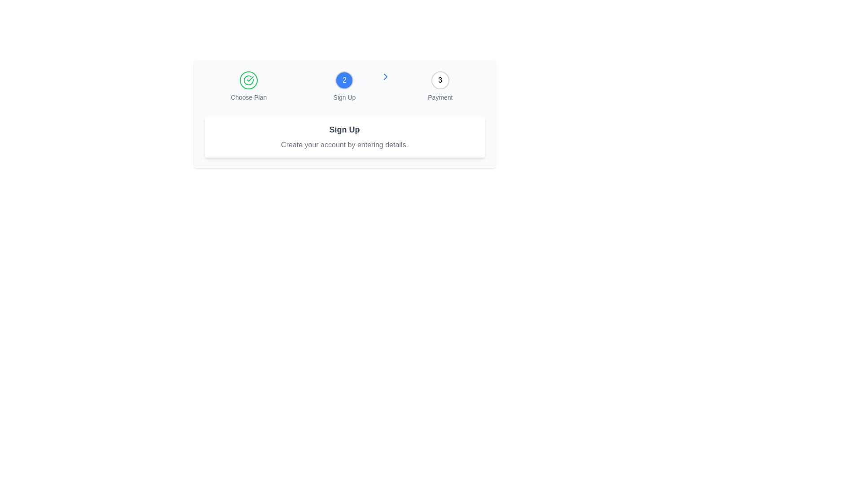 The image size is (862, 485). I want to click on the 'Payment' step indicator in the multi-step navigation bar, which is the third step labeled 'Payment', so click(440, 79).